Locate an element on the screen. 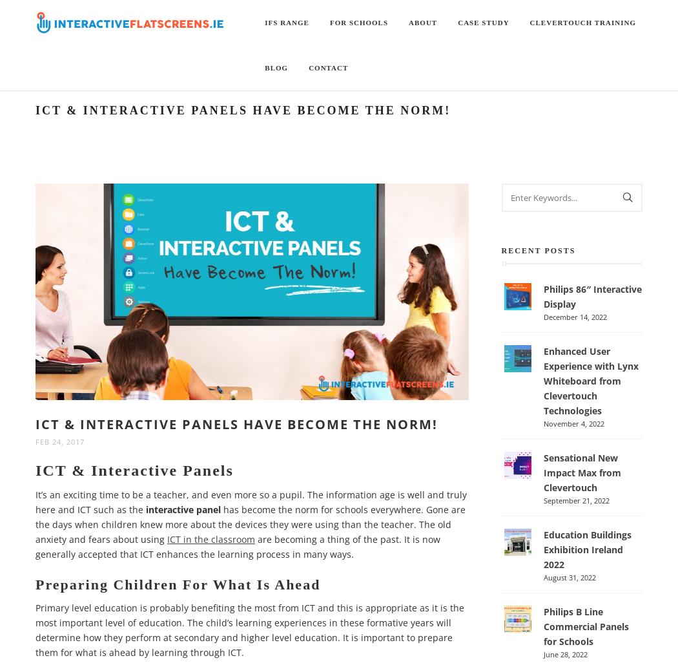  'Philips B Line Commercial Panels for Schools' is located at coordinates (585, 626).